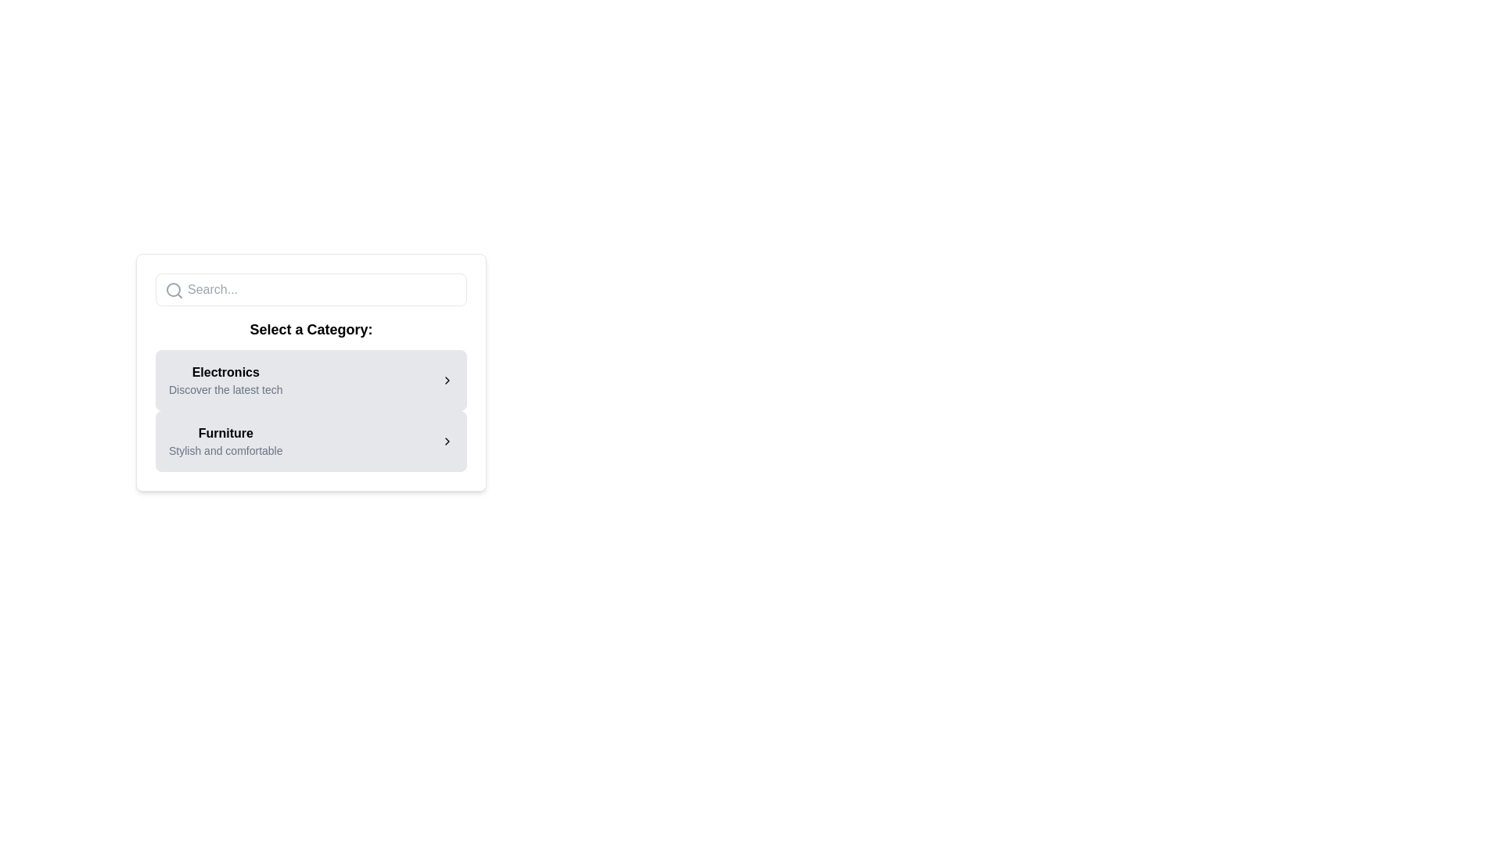 The width and height of the screenshot is (1502, 844). Describe the element at coordinates (225, 388) in the screenshot. I see `the Text label that provides additional information about the 'Electronics' category, located immediately below the 'Electronics' label in the 'Select a Category' section` at that location.